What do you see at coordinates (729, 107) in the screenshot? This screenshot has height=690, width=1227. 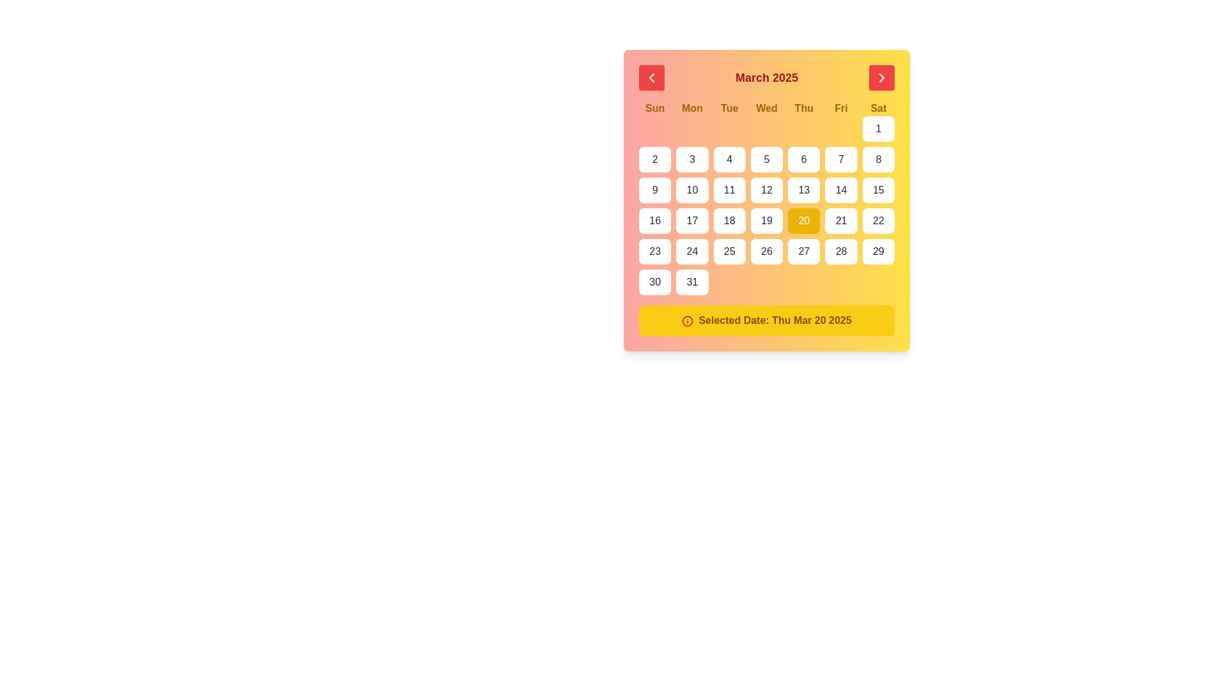 I see `the bold, centered text displaying 'Tue' in yellow, which is the third element in a row of days of the week in a calendar interface` at bounding box center [729, 107].